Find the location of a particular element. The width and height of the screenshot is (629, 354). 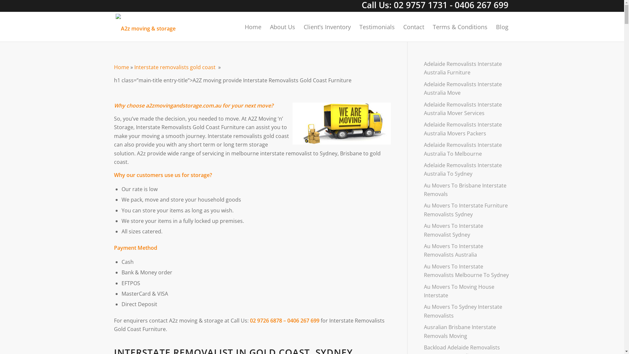

'Testimonials' is located at coordinates (377, 26).